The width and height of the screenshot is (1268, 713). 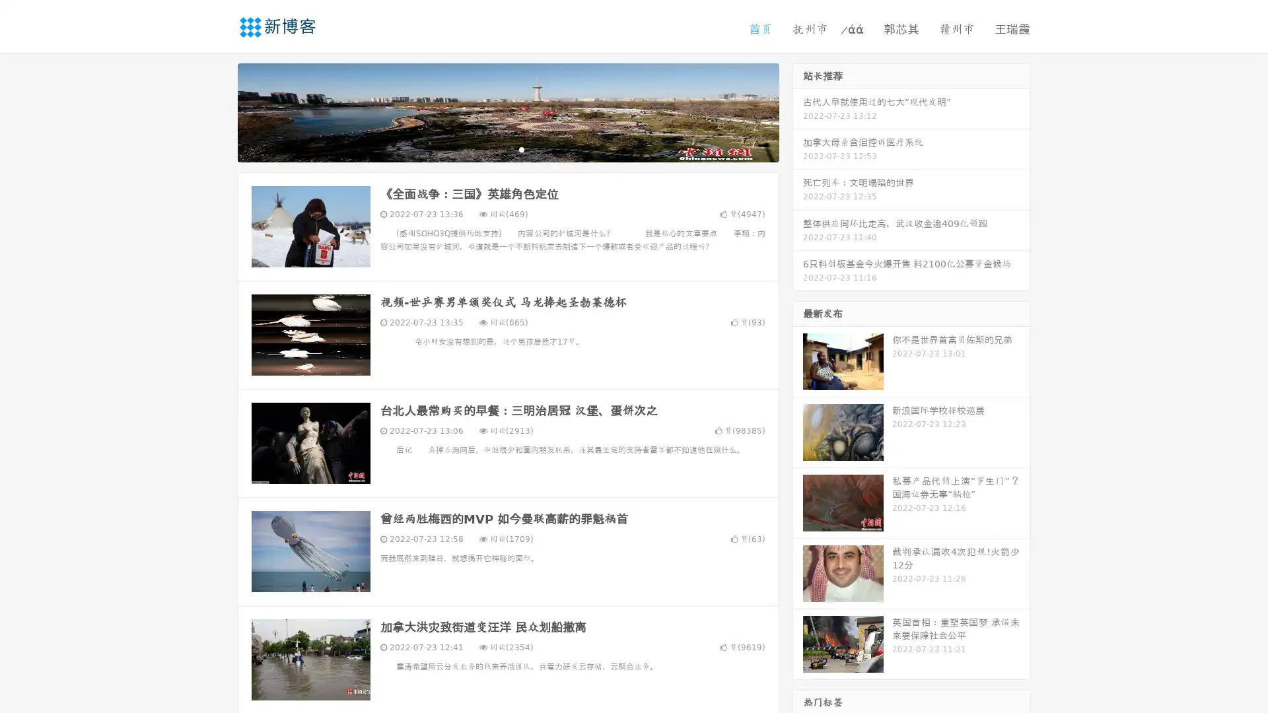 I want to click on Go to slide 1, so click(x=494, y=149).